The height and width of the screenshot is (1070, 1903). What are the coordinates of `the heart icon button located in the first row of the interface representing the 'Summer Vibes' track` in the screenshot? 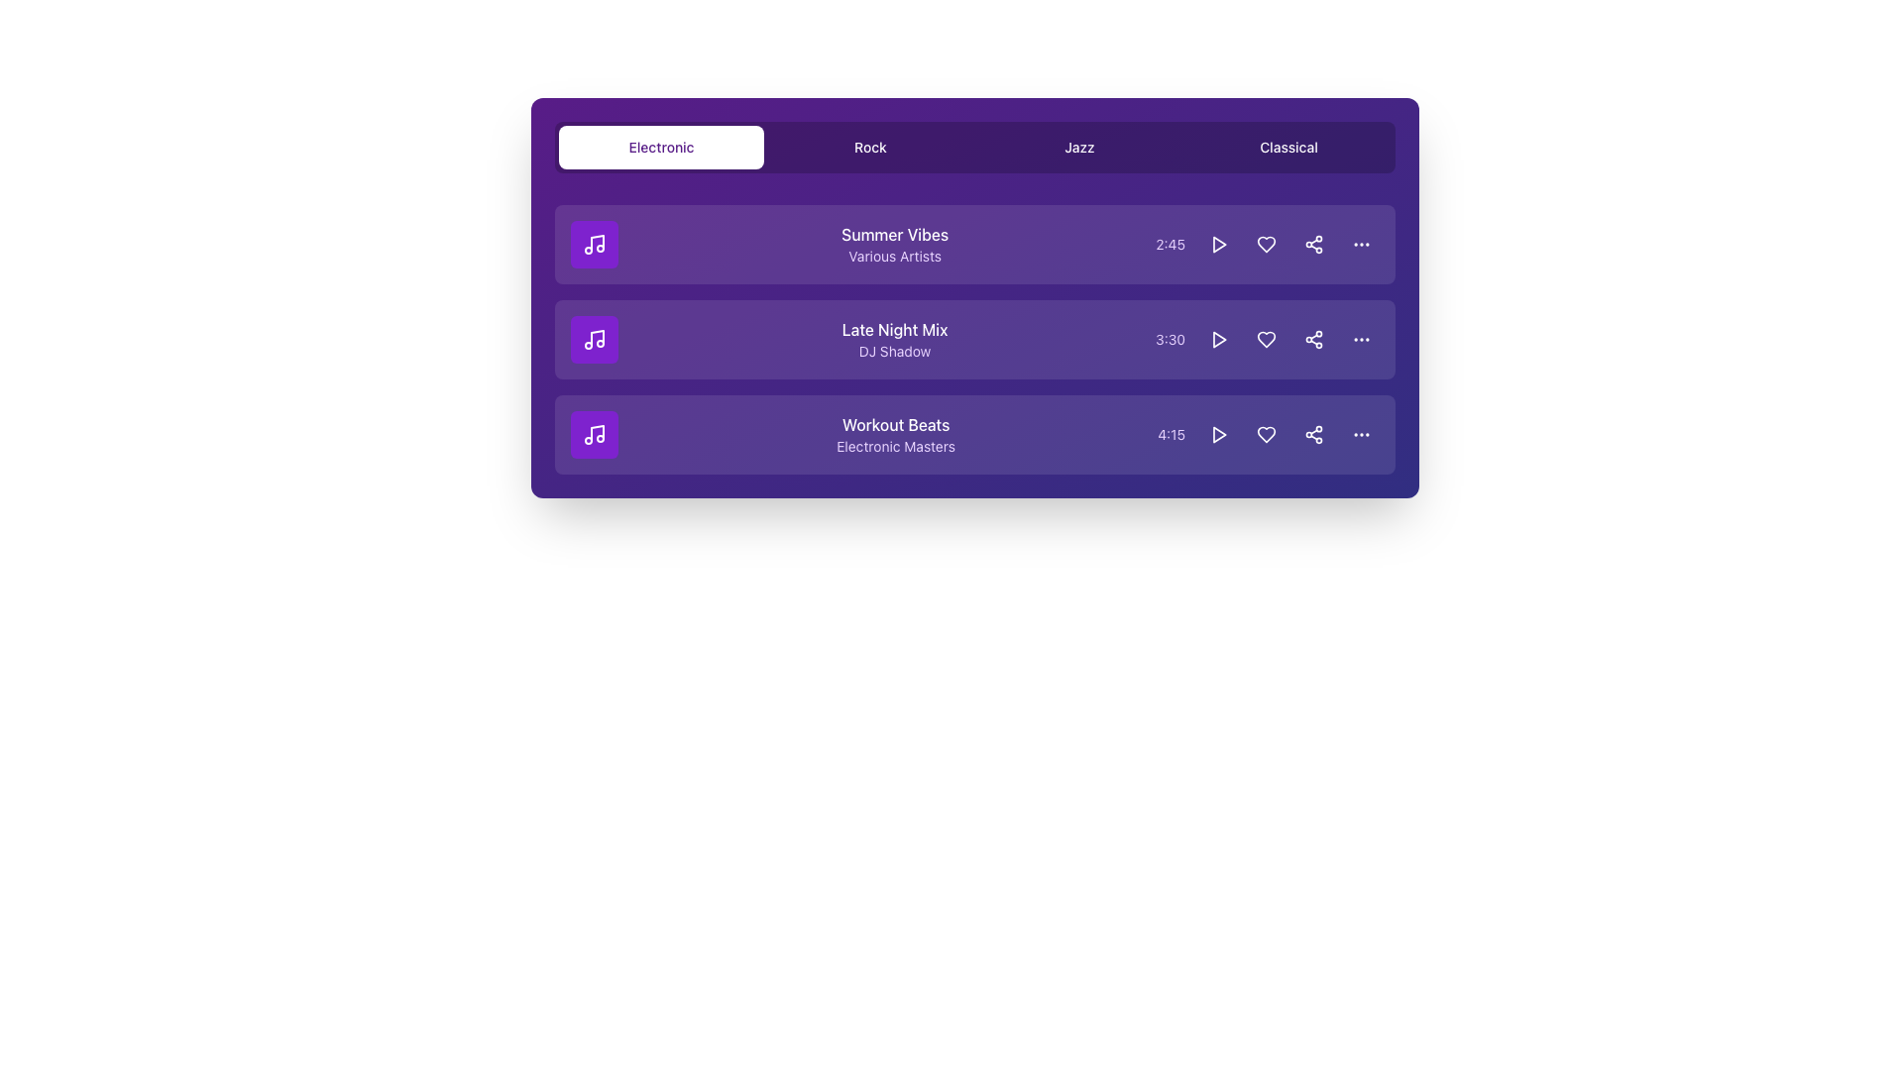 It's located at (1265, 243).